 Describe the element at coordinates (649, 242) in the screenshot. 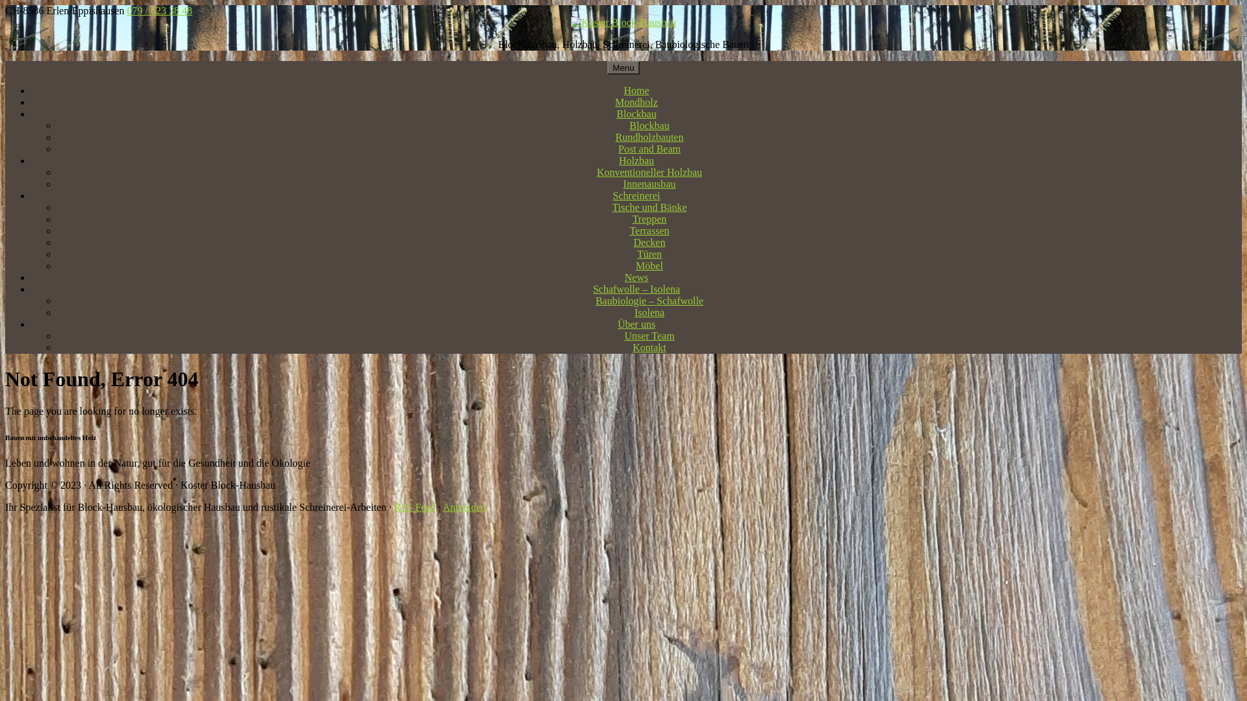

I see `'Decken'` at that location.